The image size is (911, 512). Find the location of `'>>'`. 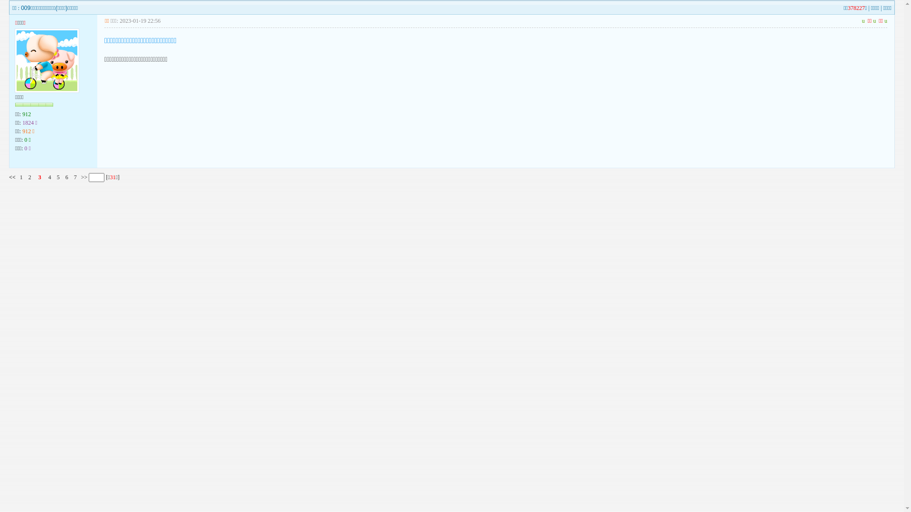

'>>' is located at coordinates (80, 177).